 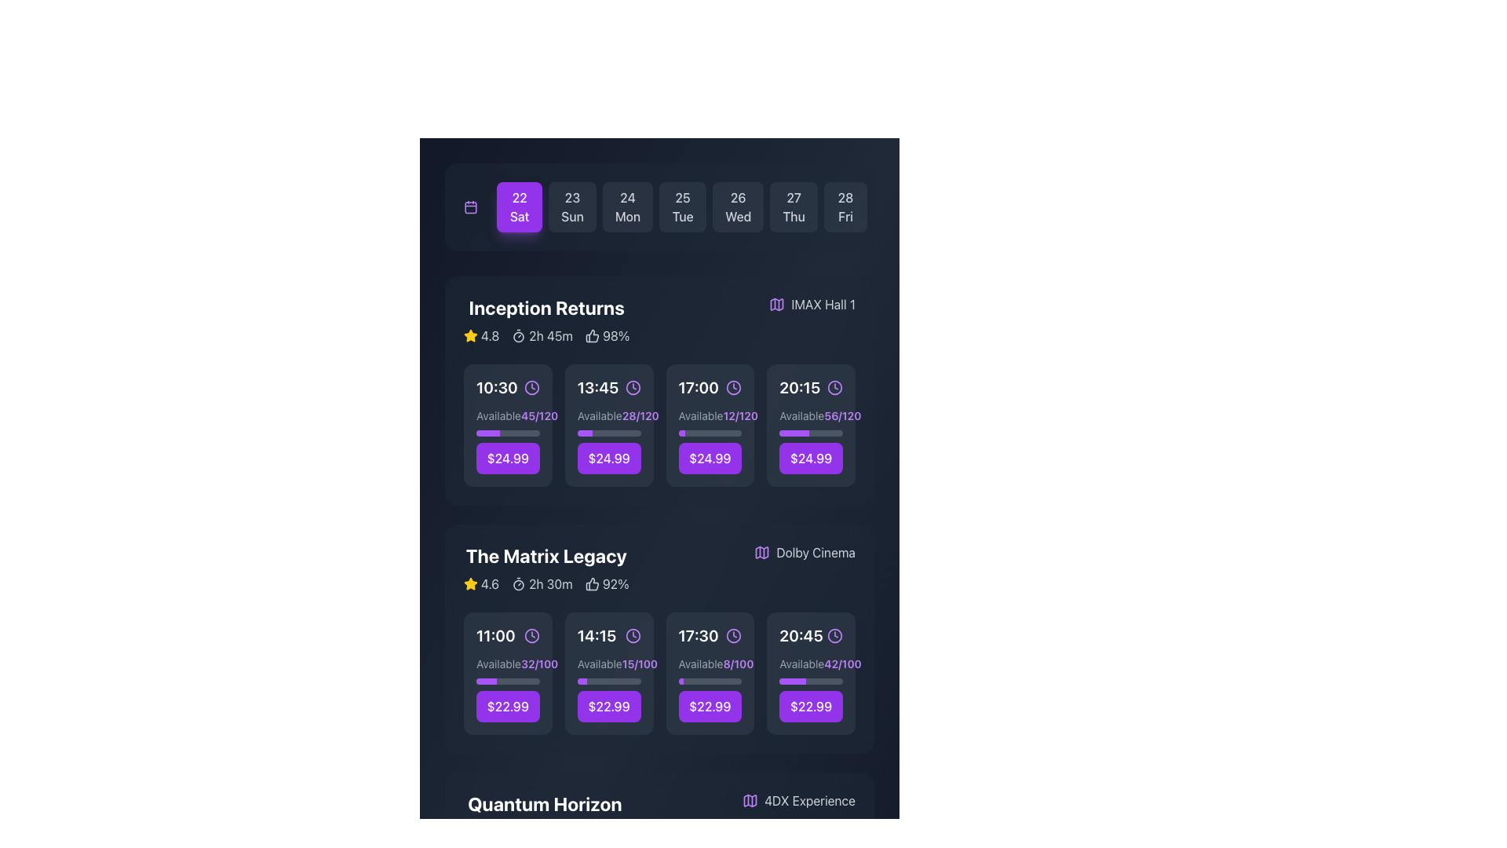 I want to click on the progress bar for the movie 'The Matrix Legacy' at 11:00 to understand seat availability visually, so click(x=508, y=689).